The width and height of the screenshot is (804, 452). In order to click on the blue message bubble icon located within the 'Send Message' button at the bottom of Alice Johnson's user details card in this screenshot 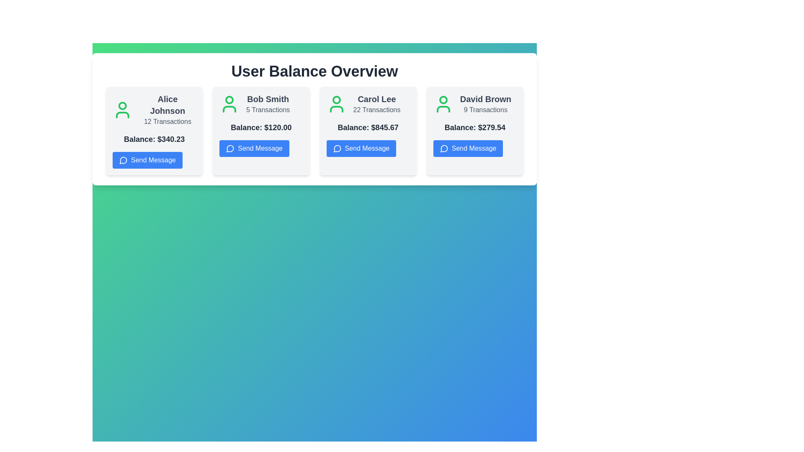, I will do `click(123, 160)`.